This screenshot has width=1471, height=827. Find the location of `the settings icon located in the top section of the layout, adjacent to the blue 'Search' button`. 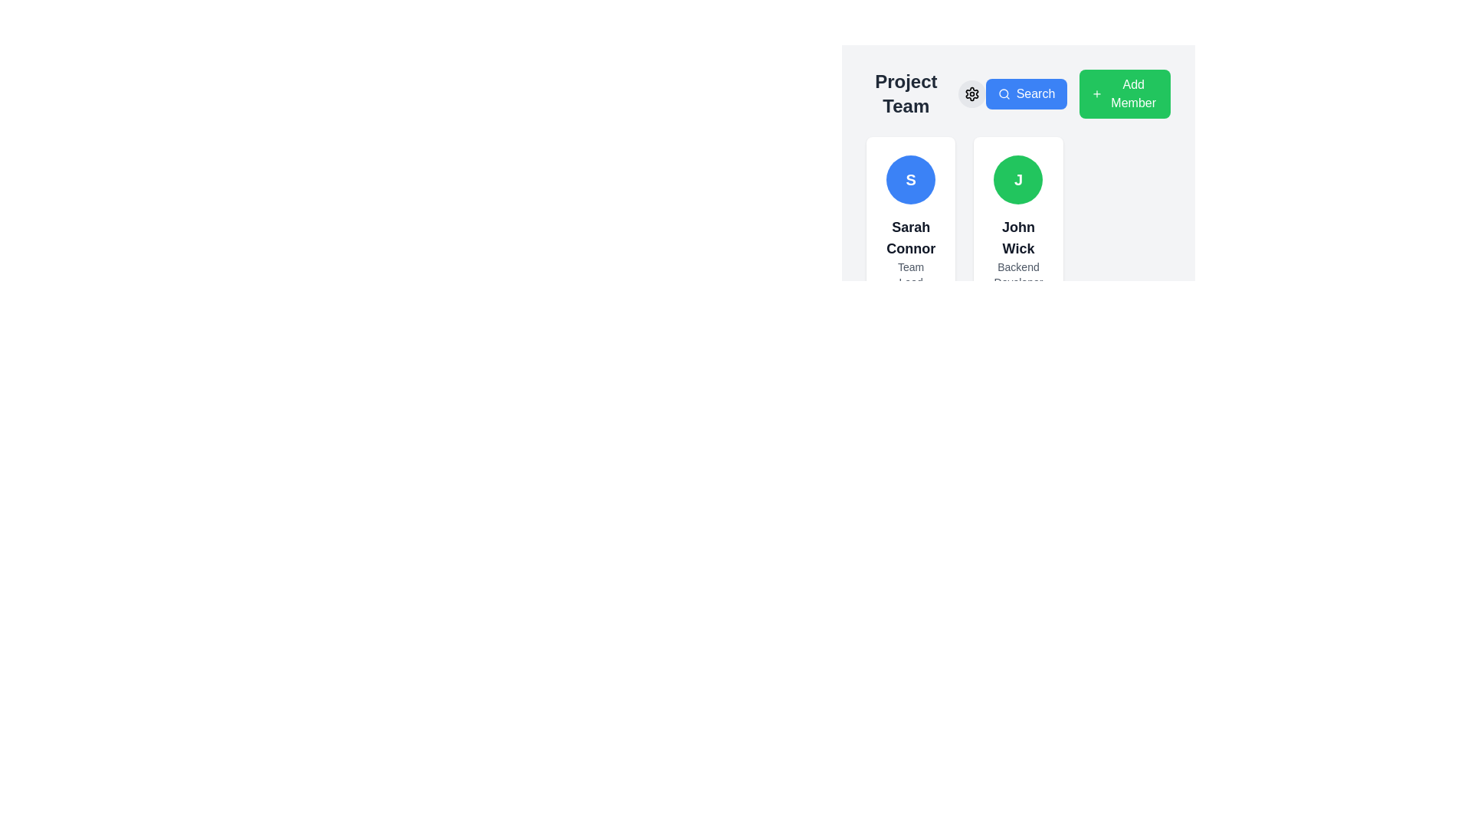

the settings icon located in the top section of the layout, adjacent to the blue 'Search' button is located at coordinates (971, 94).